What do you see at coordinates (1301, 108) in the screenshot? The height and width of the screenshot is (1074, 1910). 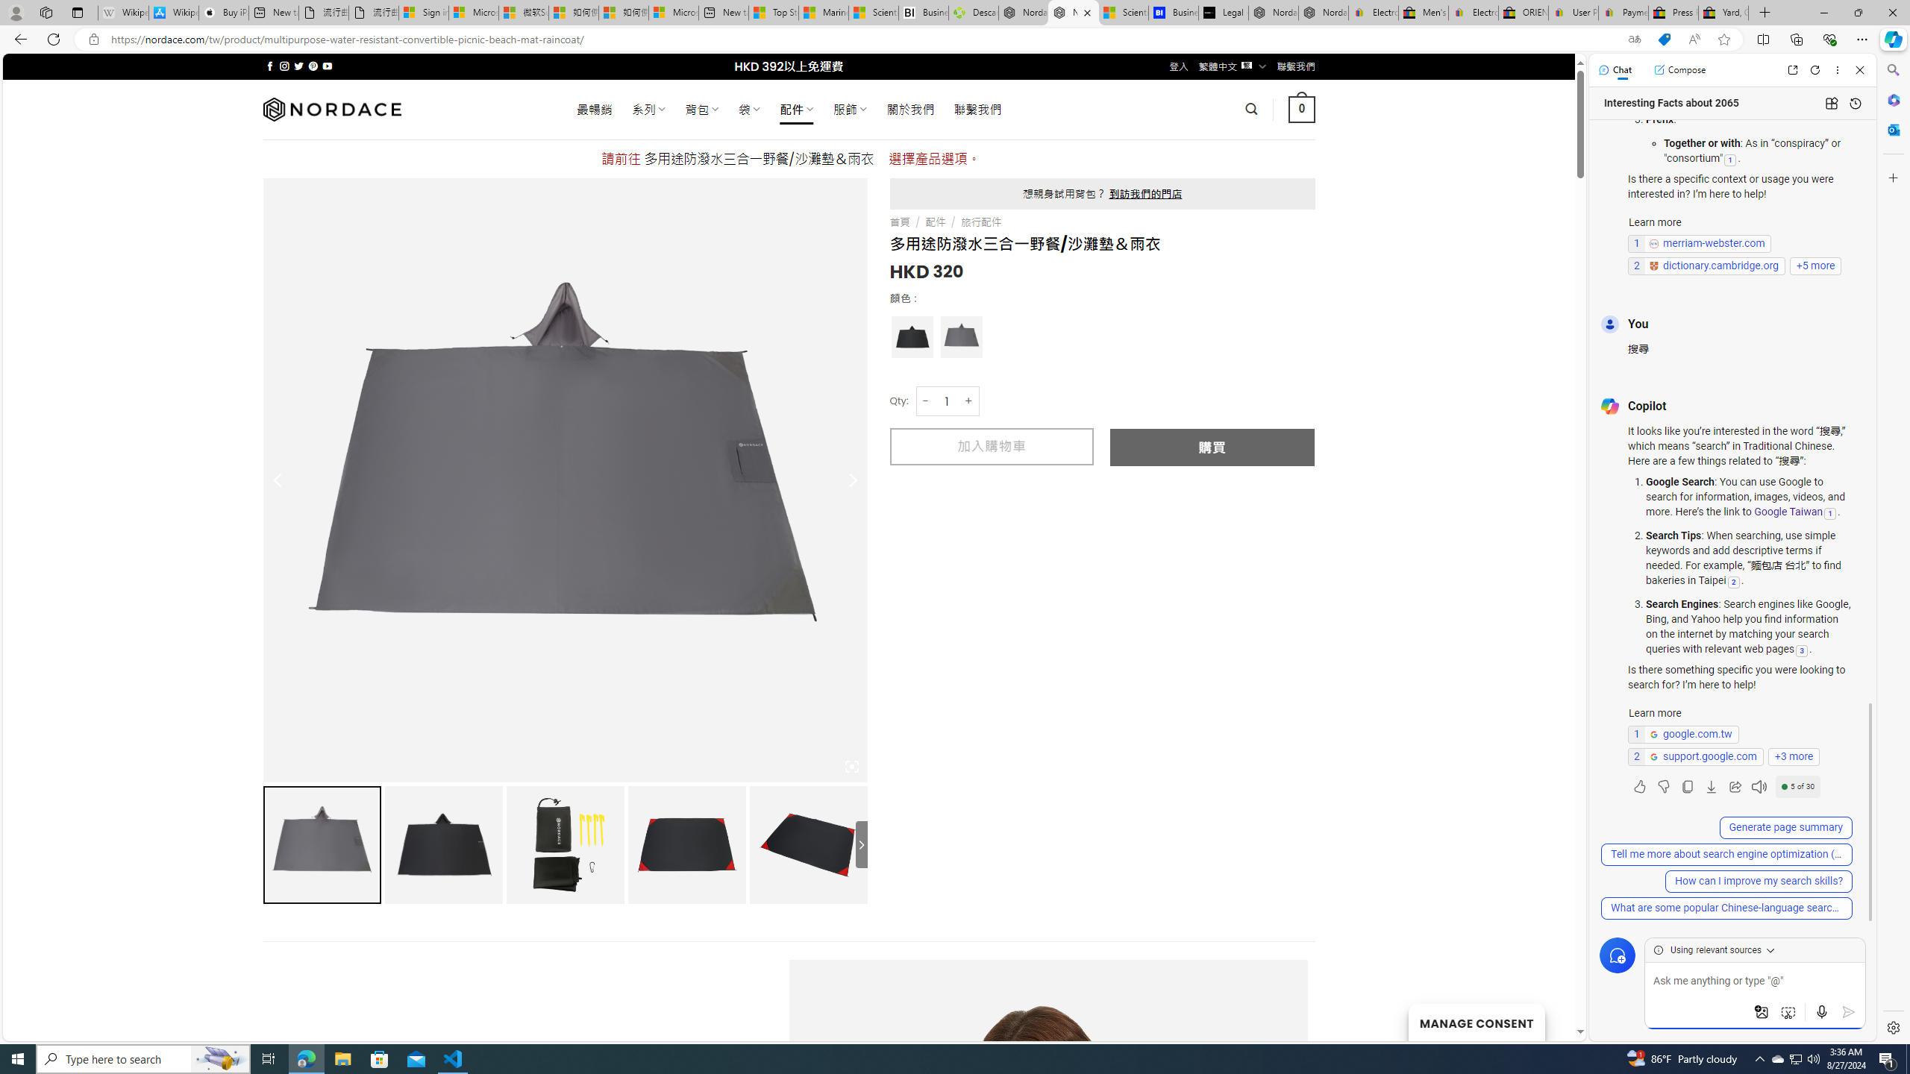 I see `'  0  '` at bounding box center [1301, 108].